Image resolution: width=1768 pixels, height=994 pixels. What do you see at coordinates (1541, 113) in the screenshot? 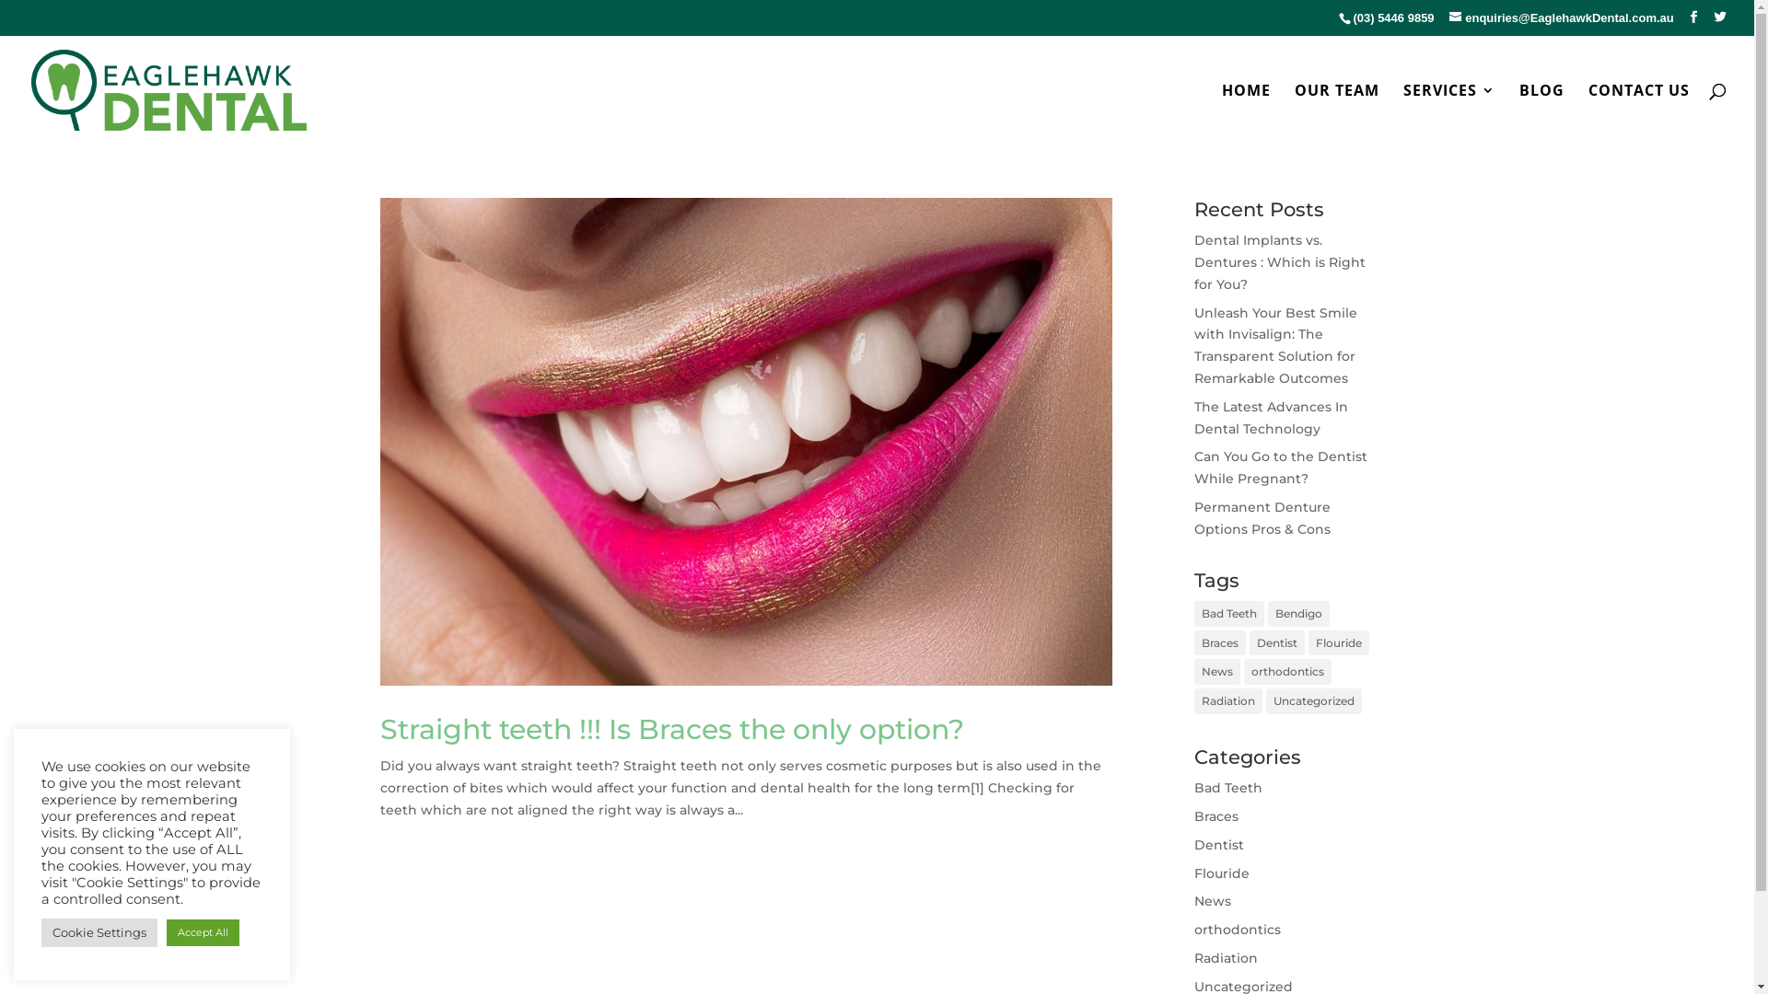
I see `'BLOG'` at bounding box center [1541, 113].